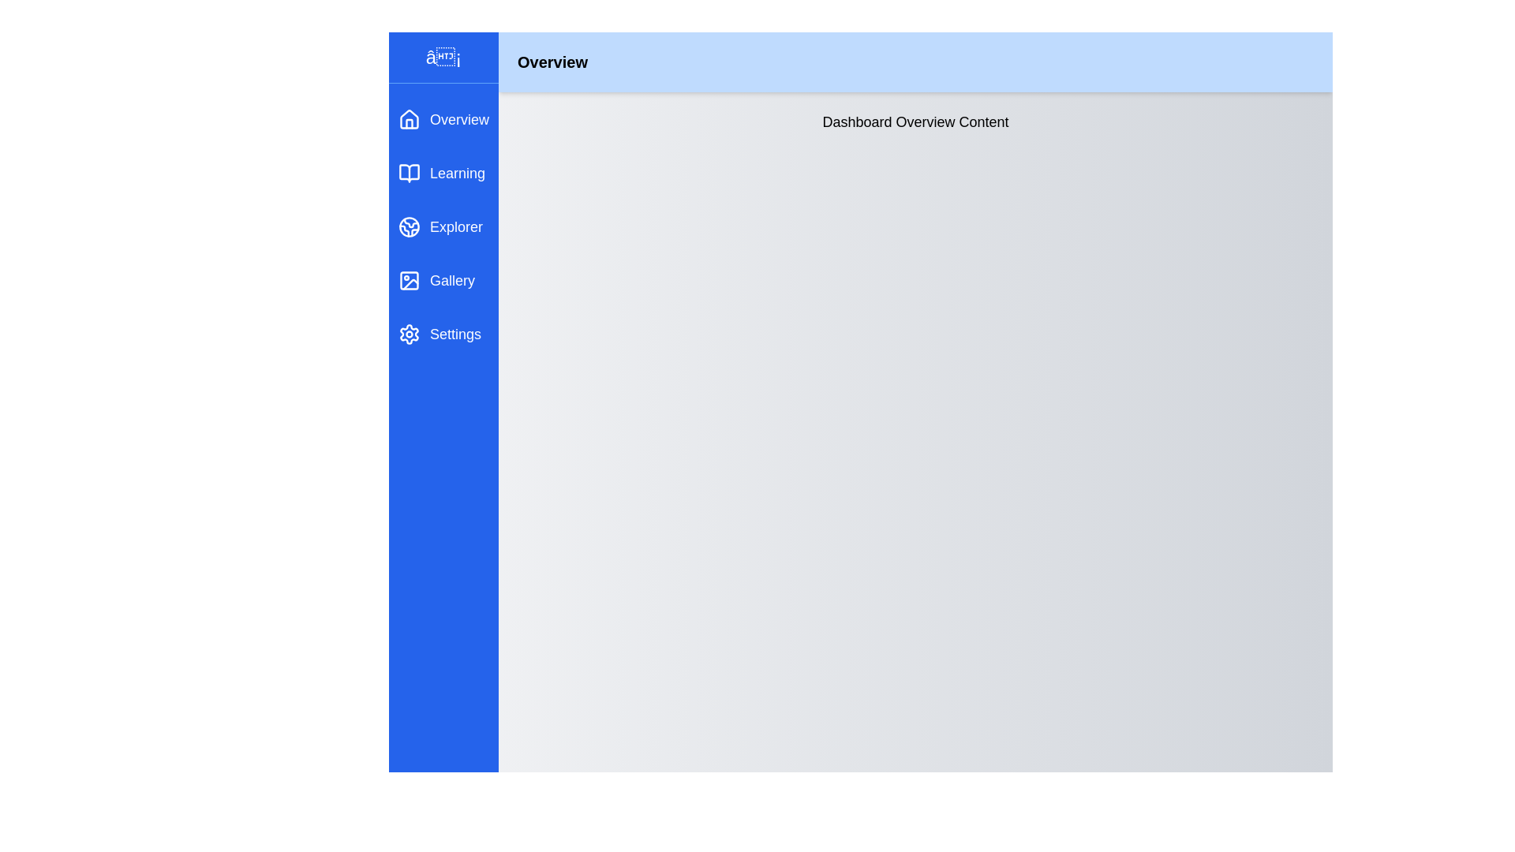 This screenshot has width=1515, height=852. I want to click on the 'Explorer' button in the sidebar, which is the third navigation button with a blue background and white text, so click(443, 227).